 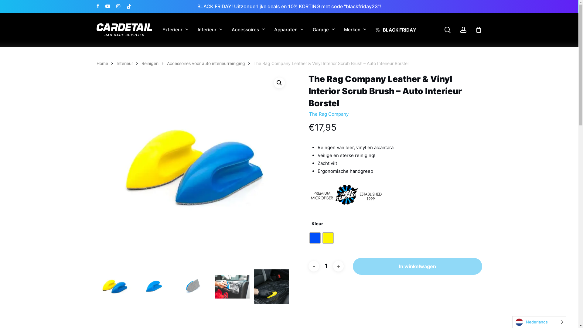 What do you see at coordinates (315, 237) in the screenshot?
I see `'Blauw'` at bounding box center [315, 237].